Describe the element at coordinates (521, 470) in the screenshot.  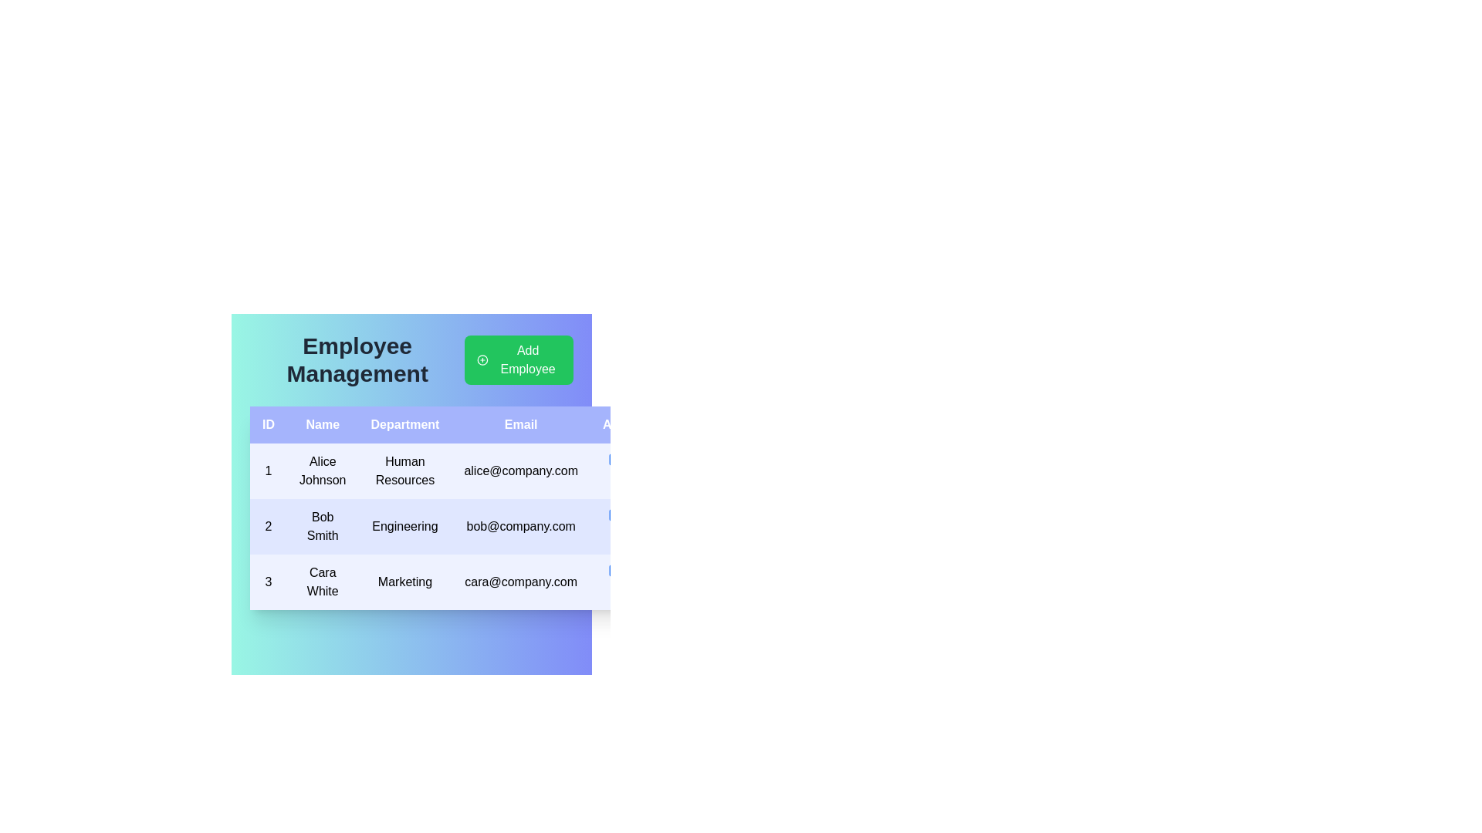
I see `the email text of employee Alice Johnson displayed in the fourth column of the employee management table` at that location.